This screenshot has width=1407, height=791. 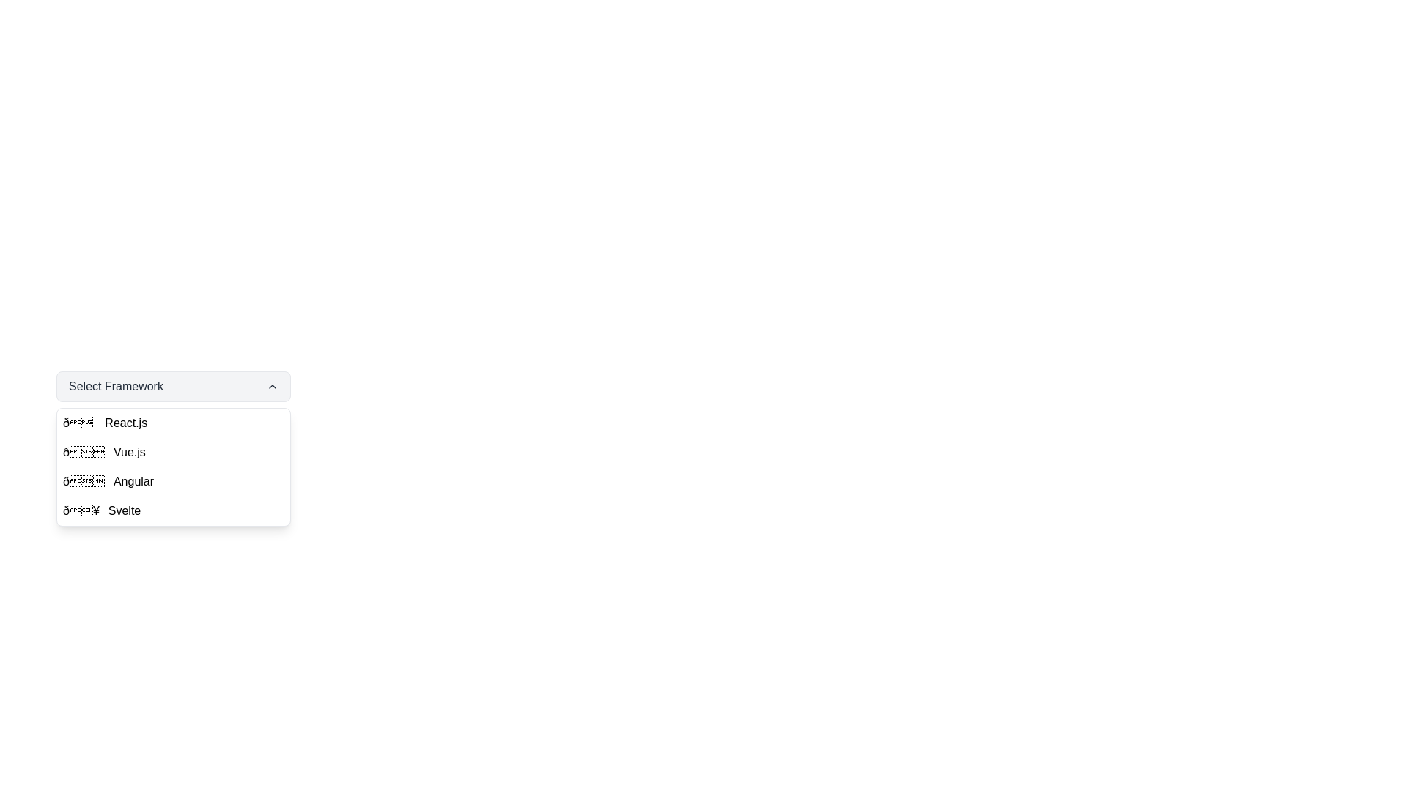 I want to click on the second item in the dropdown menu representing the Vue.js framework, so click(x=173, y=451).